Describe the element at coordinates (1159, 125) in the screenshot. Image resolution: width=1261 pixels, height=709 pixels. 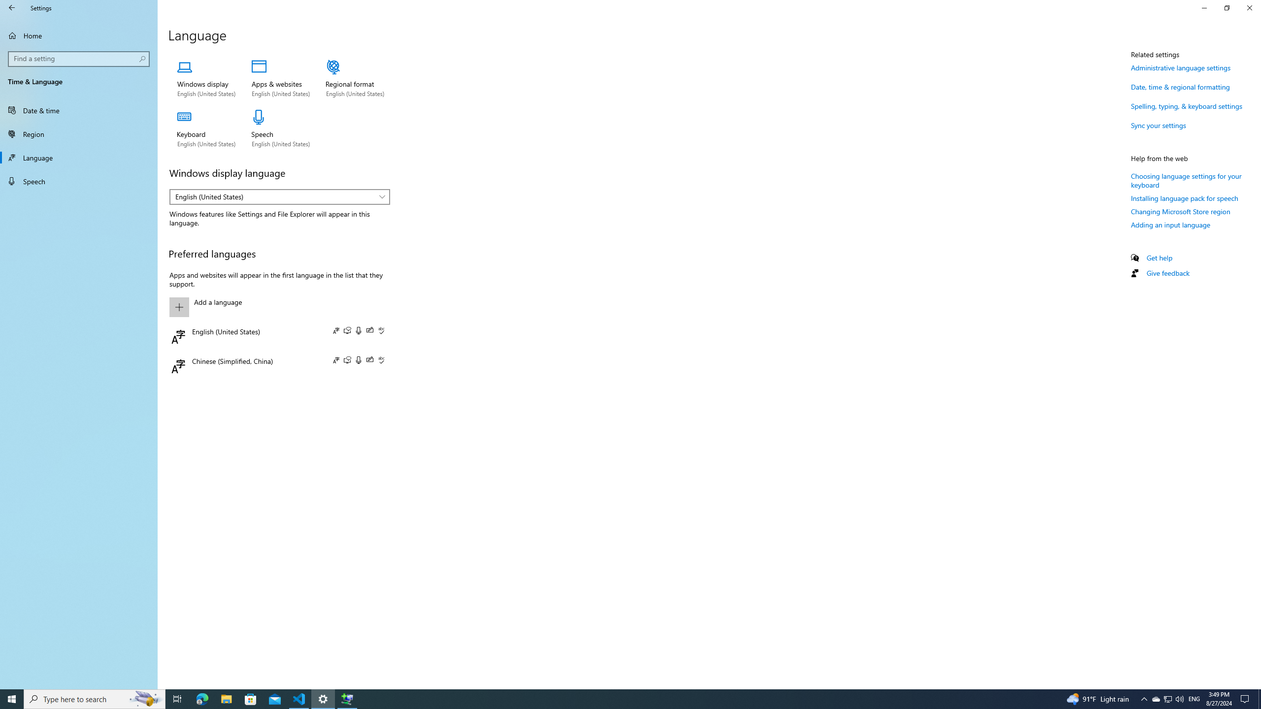
I see `'Sync your settings'` at that location.